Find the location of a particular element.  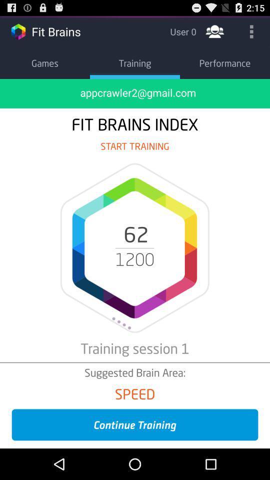

continue training item is located at coordinates (135, 424).